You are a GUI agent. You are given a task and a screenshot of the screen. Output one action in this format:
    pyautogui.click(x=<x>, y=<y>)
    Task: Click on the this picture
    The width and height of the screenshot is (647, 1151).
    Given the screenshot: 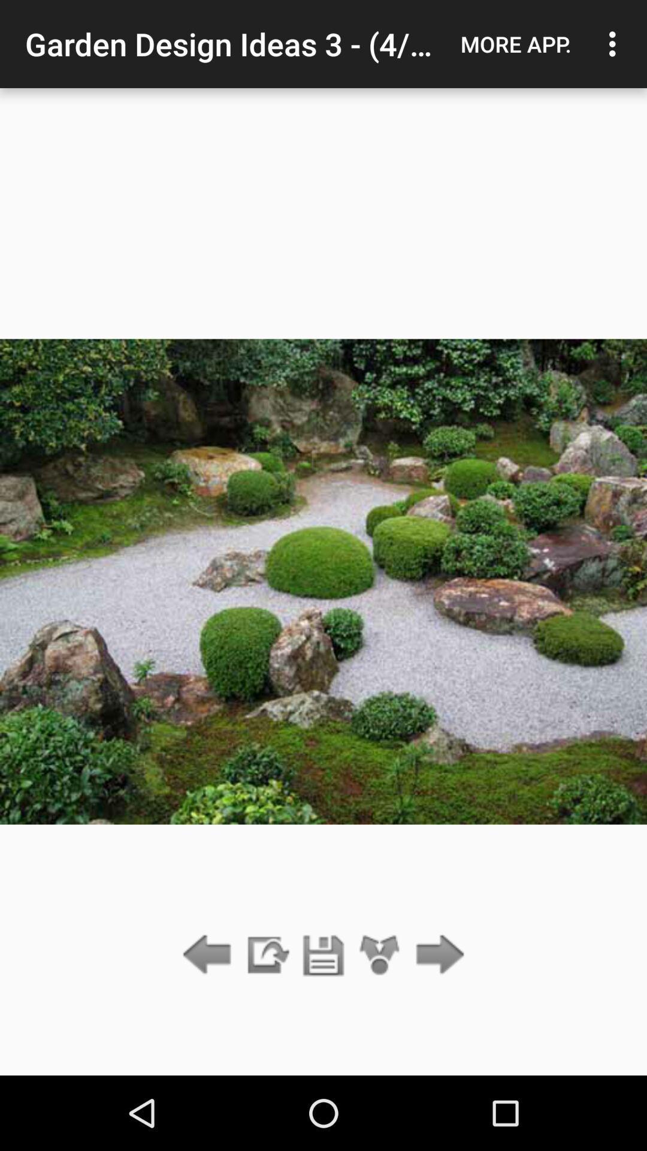 What is the action you would take?
    pyautogui.click(x=323, y=955)
    